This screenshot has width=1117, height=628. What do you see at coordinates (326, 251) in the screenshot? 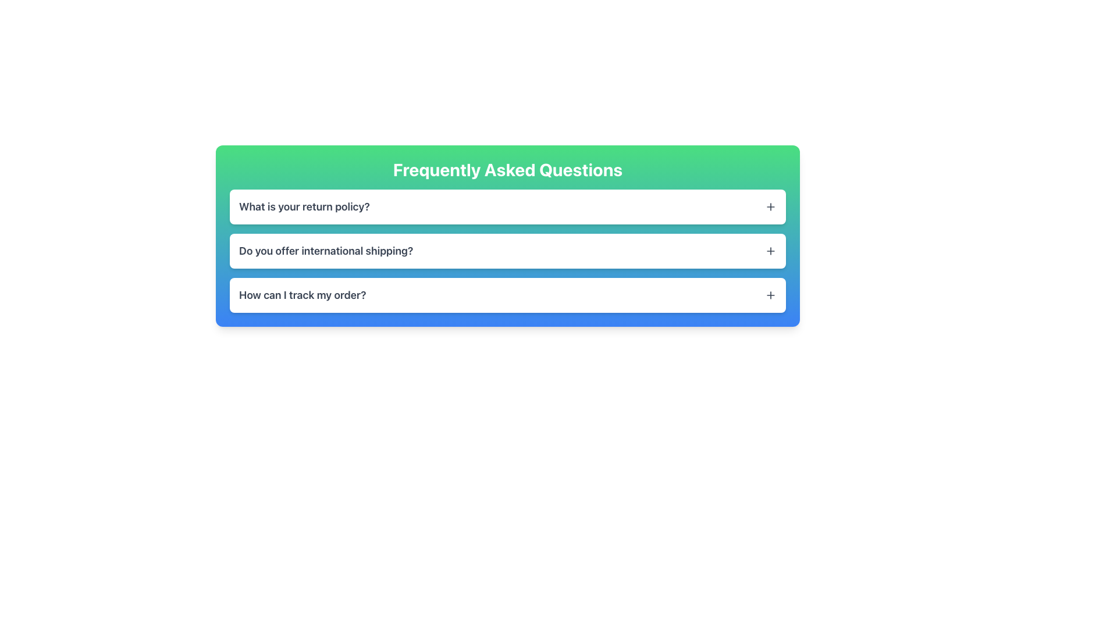
I see `the second static text element in the FAQ section that serves as a question for users, located between 'What is your return policy?' and 'How can I track my order?'` at bounding box center [326, 251].